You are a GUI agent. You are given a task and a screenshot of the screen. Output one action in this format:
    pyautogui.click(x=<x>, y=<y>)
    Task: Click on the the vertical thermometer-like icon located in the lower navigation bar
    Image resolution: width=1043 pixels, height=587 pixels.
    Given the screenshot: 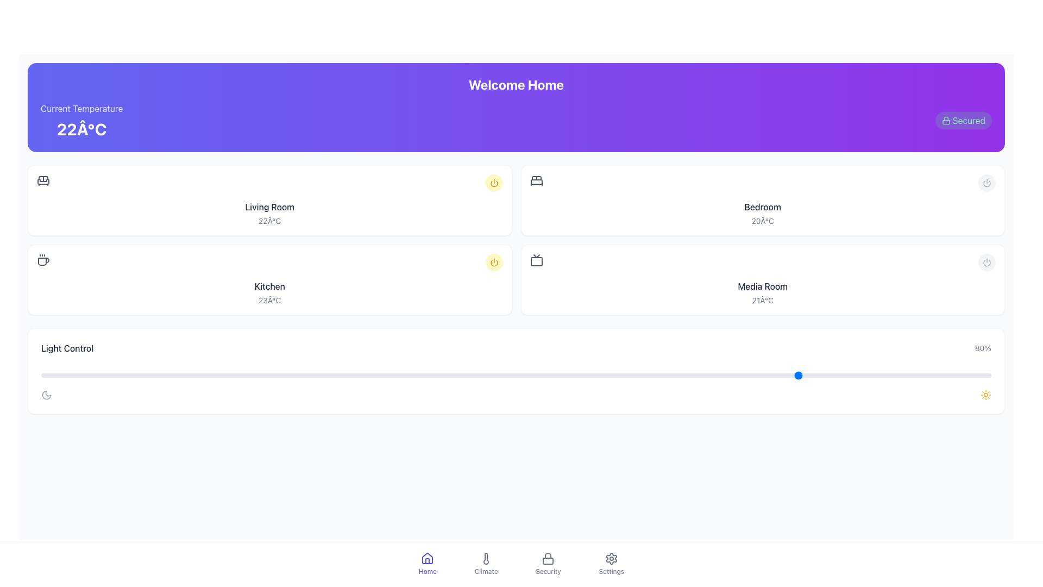 What is the action you would take?
    pyautogui.click(x=486, y=559)
    